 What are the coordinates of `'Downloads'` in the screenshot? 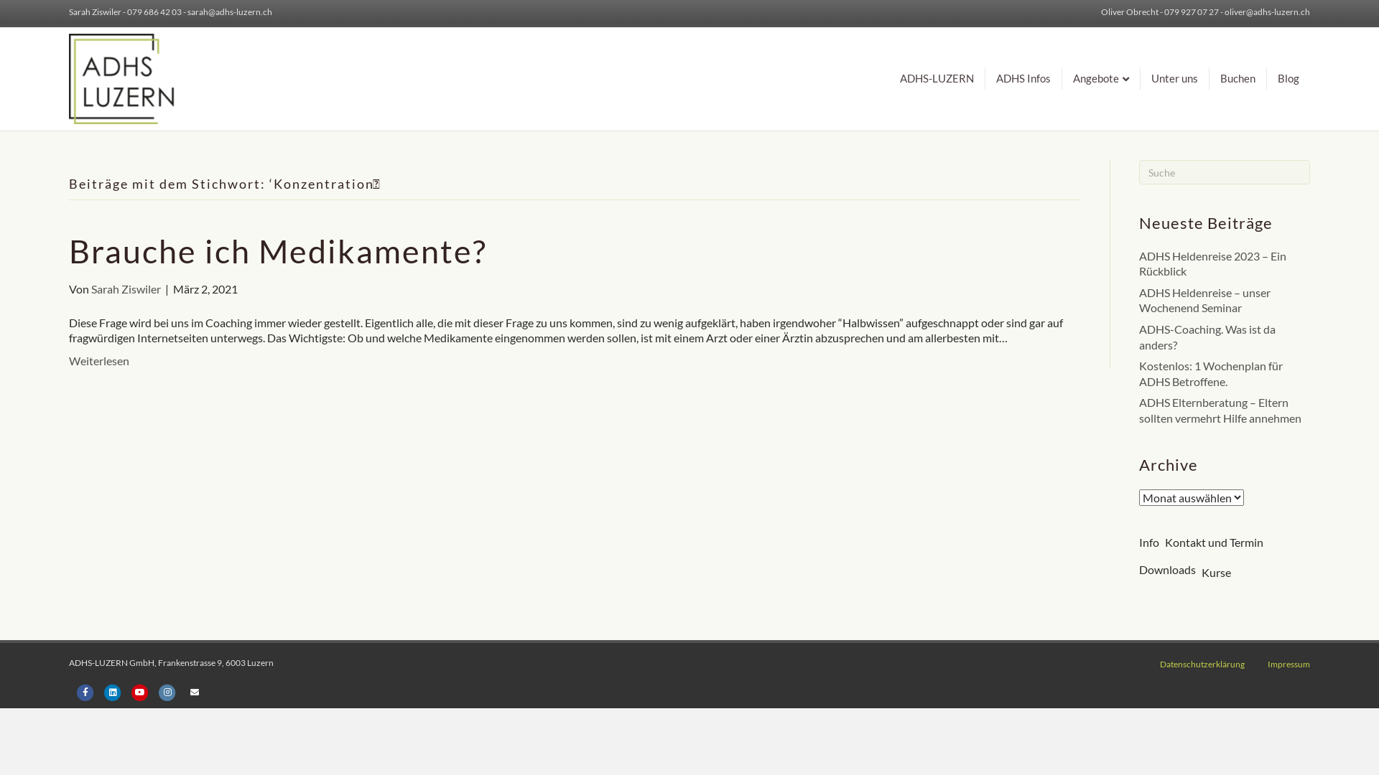 It's located at (1138, 569).